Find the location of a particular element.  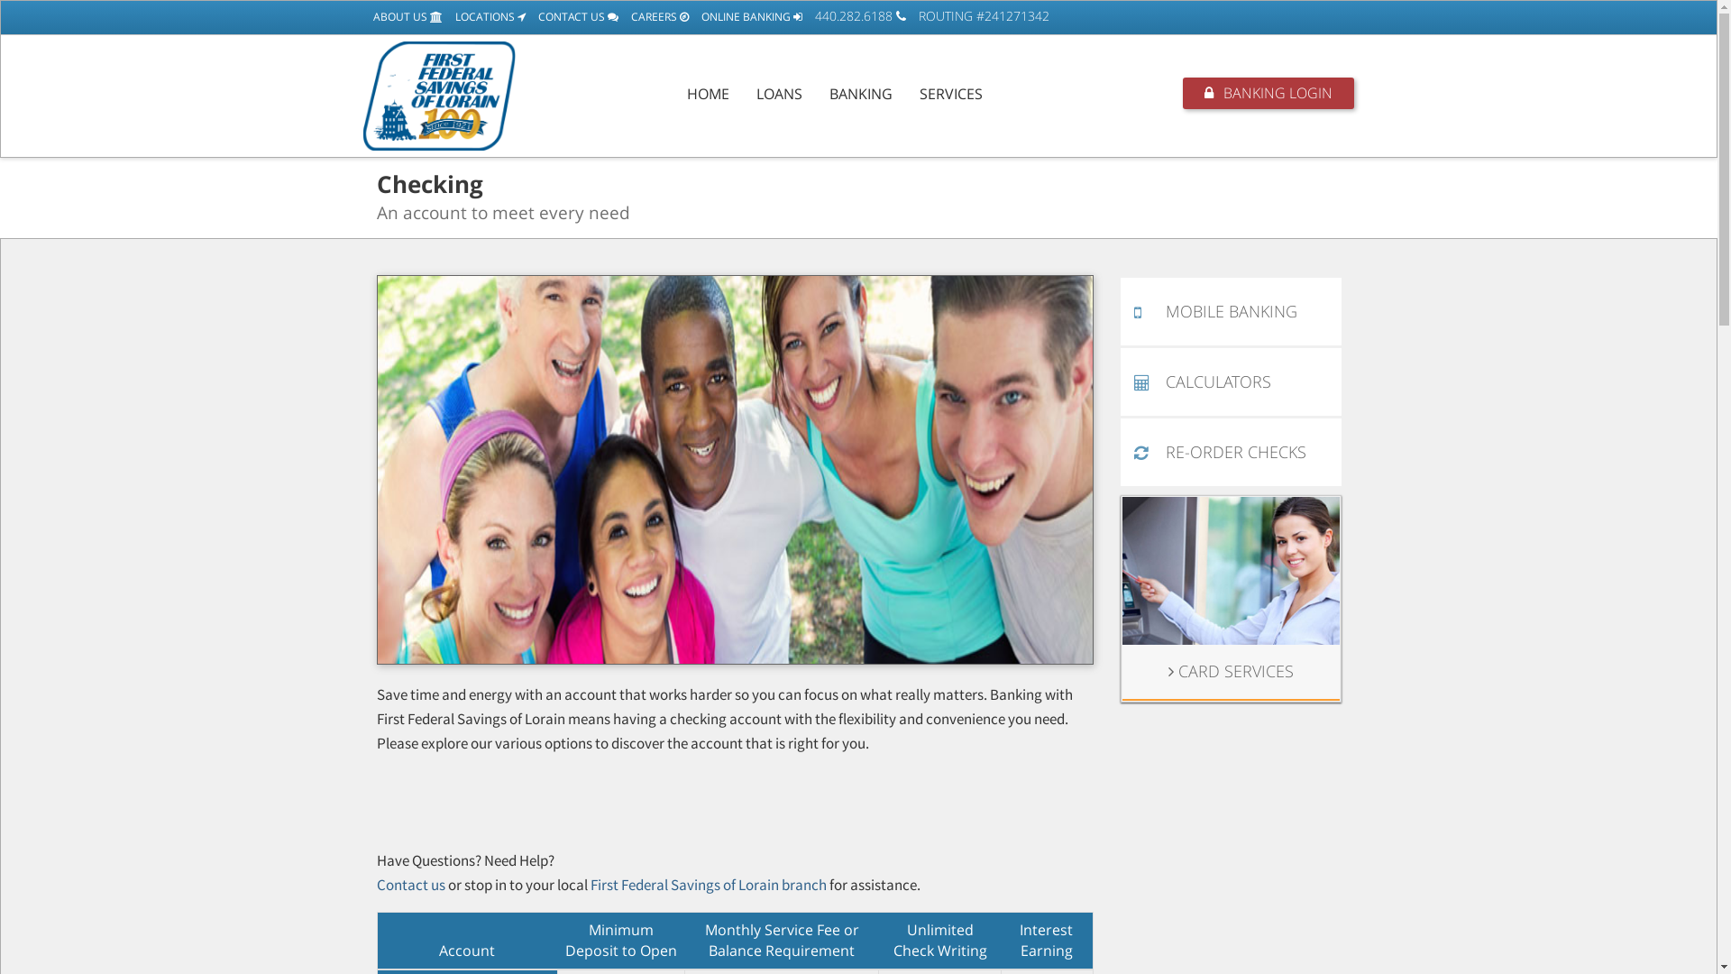

'LOCATIONS' is located at coordinates (485, 16).